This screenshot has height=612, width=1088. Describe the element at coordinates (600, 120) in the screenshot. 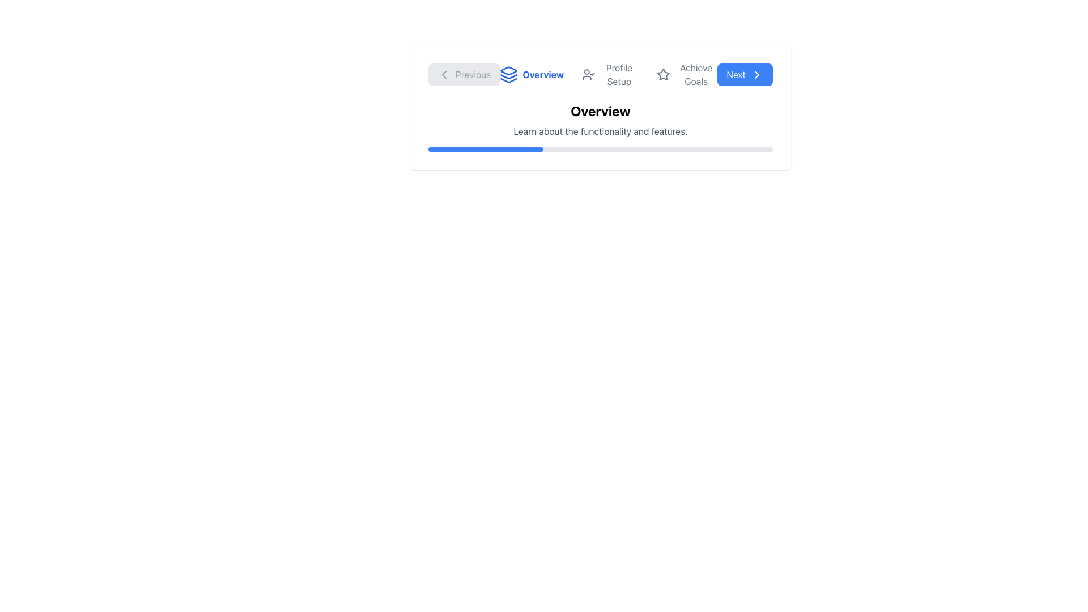

I see `text content of the text block that has a bold header stating 'Overview' and subtext 'Learn about the functionality and features.'` at that location.